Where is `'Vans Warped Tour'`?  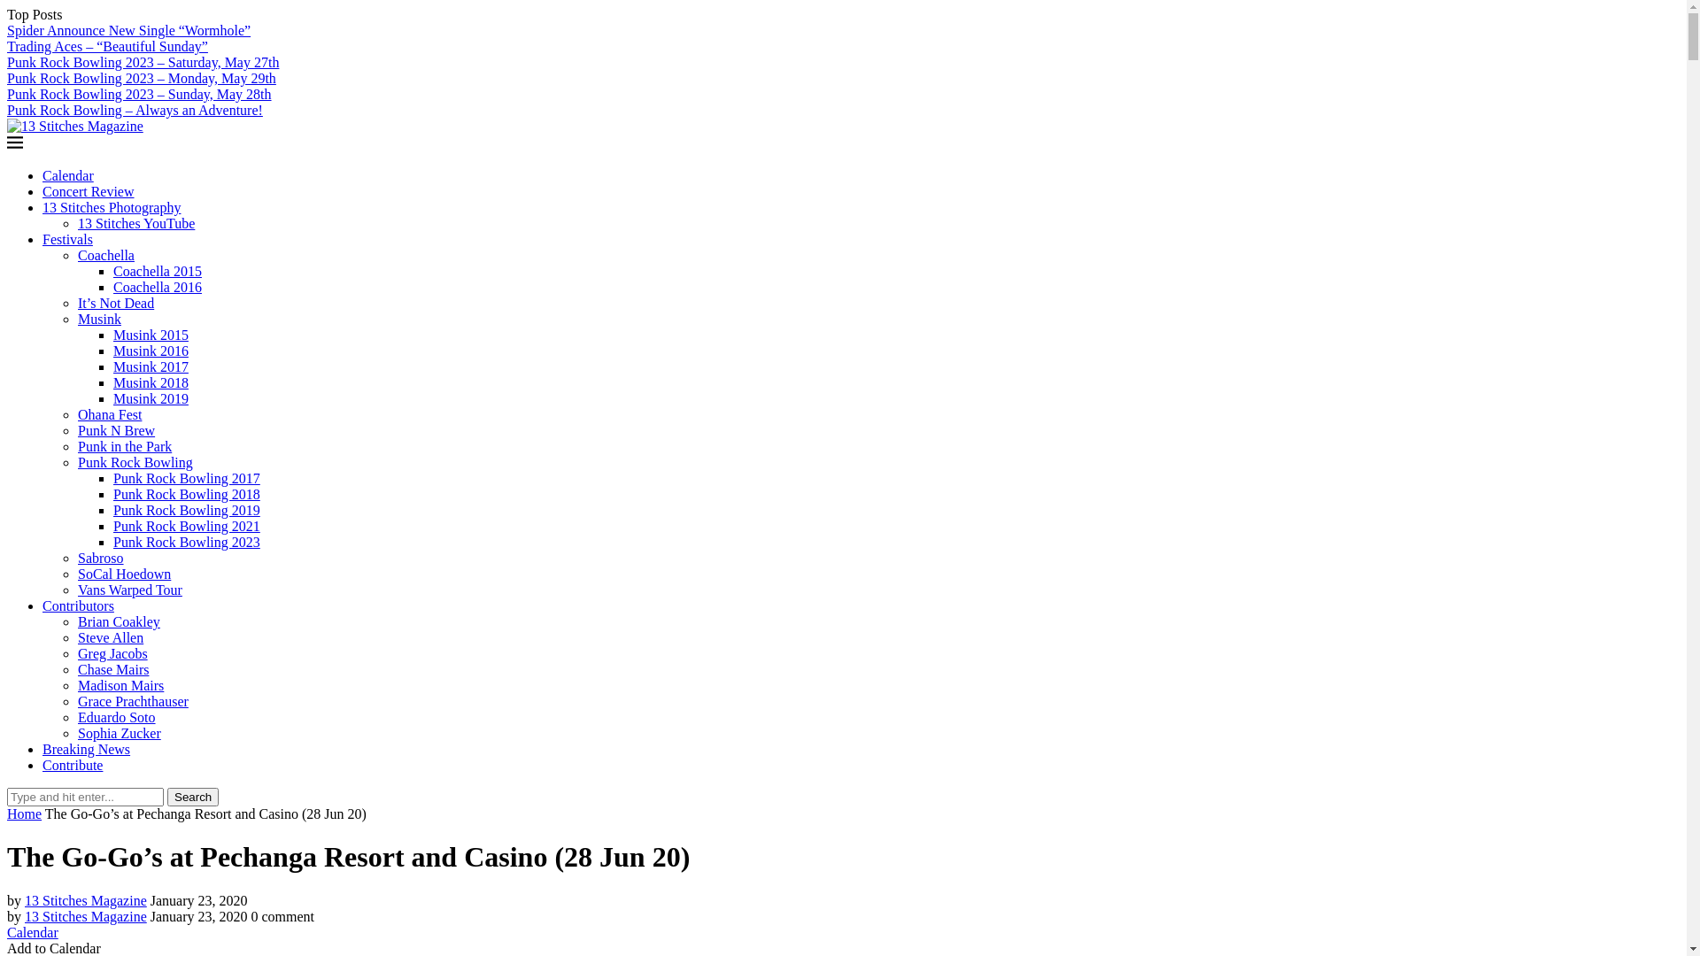 'Vans Warped Tour' is located at coordinates (129, 590).